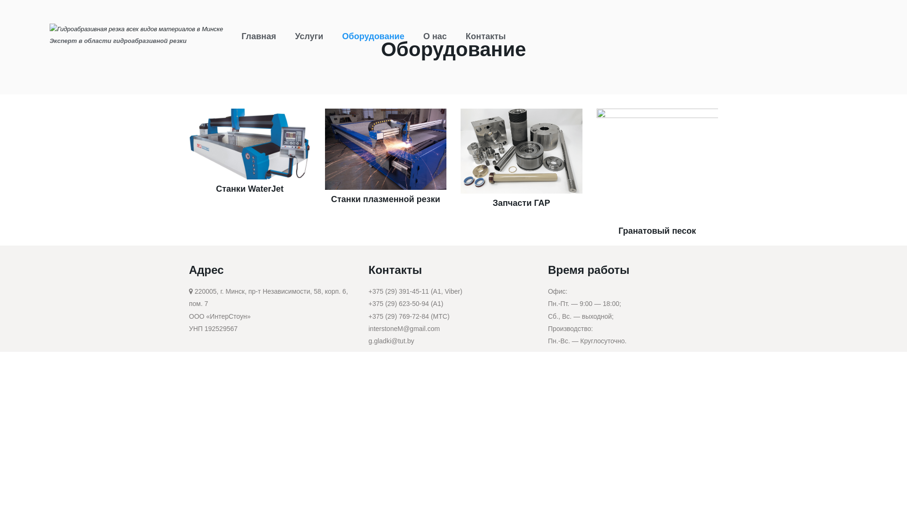 Image resolution: width=907 pixels, height=510 pixels. I want to click on 'interstoneM@gmail.com', so click(404, 328).